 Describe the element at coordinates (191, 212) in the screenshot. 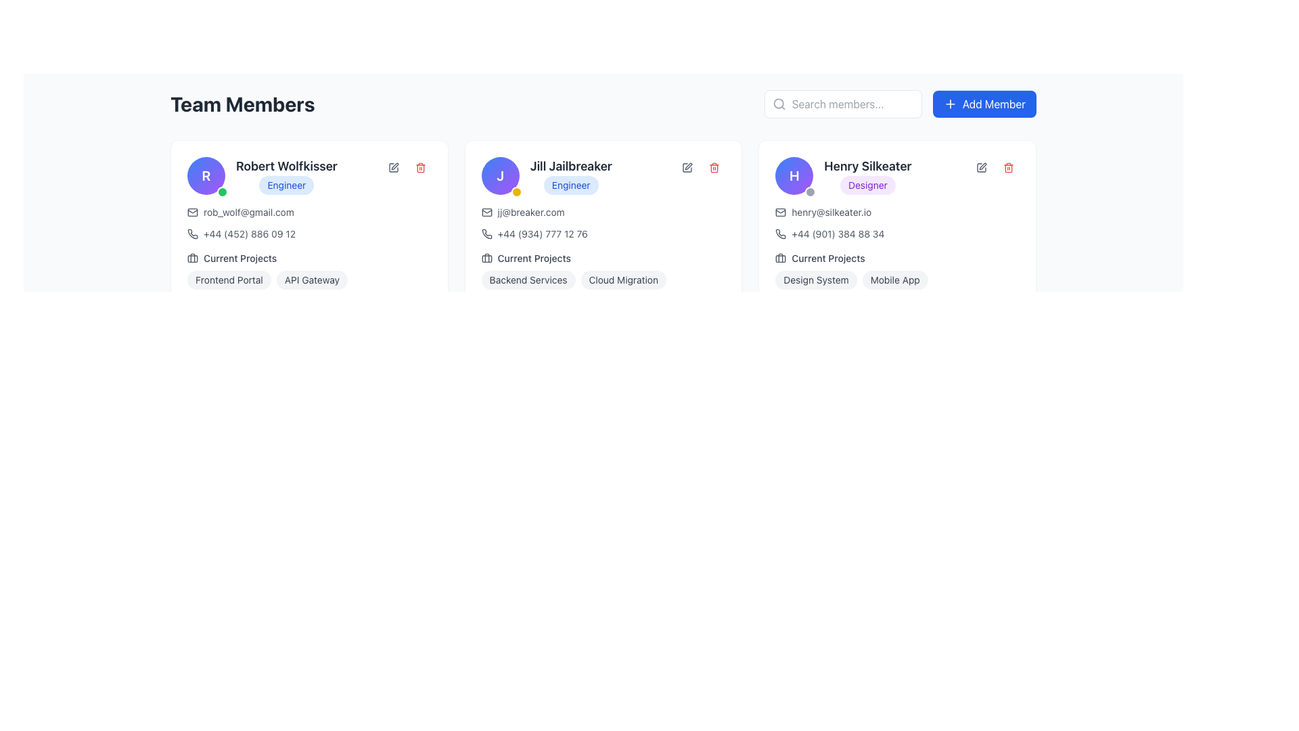

I see `the graphical icon representing an email envelope located within the contact details of the first card in a team member list` at that location.